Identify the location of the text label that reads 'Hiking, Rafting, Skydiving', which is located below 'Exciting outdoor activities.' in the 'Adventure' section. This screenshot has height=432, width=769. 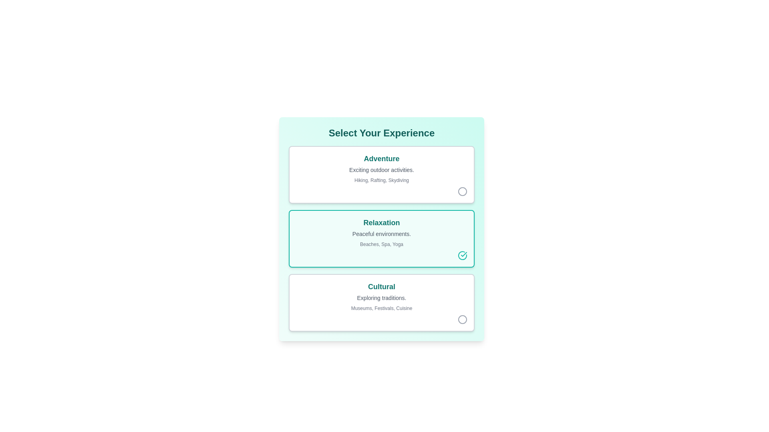
(381, 180).